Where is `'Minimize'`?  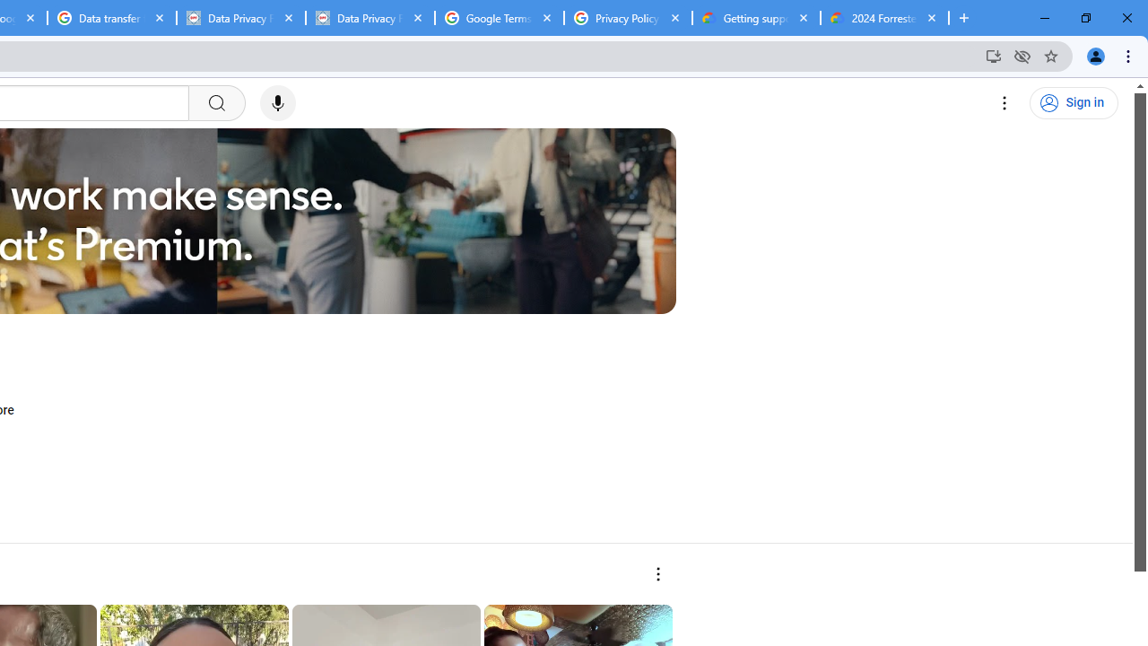
'Minimize' is located at coordinates (1045, 18).